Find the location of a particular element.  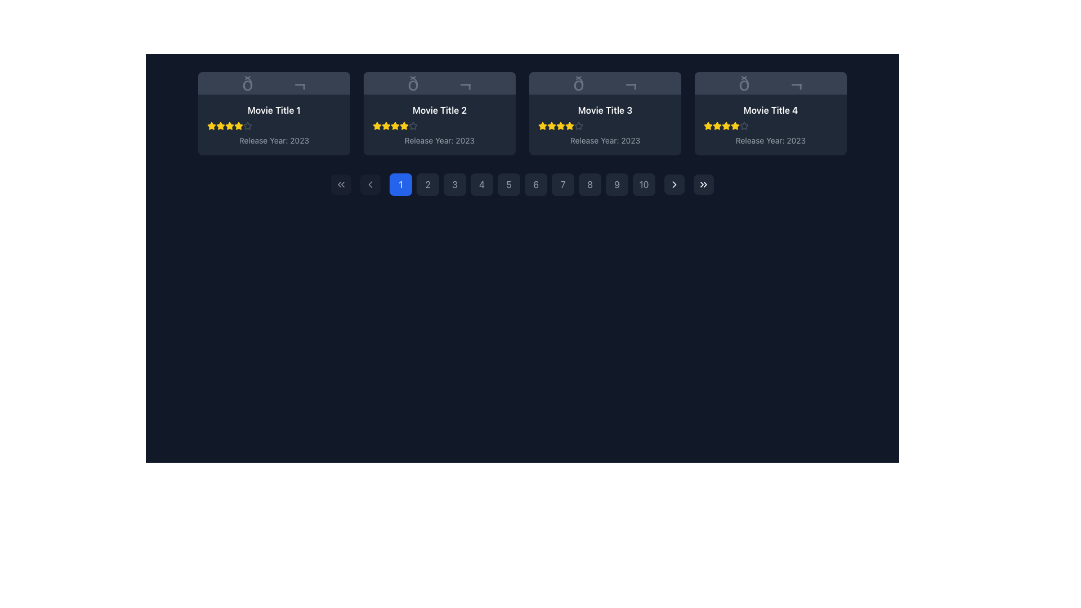

the text label displaying 'Movie Title 4' to trigger a tooltip is located at coordinates (770, 110).